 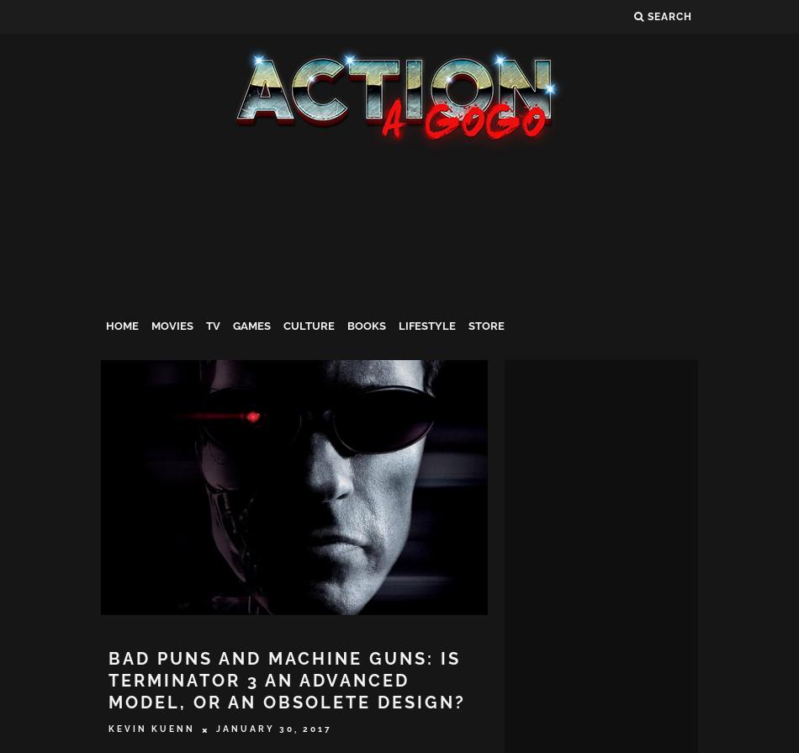 What do you see at coordinates (151, 728) in the screenshot?
I see `'Kevin Kuenn'` at bounding box center [151, 728].